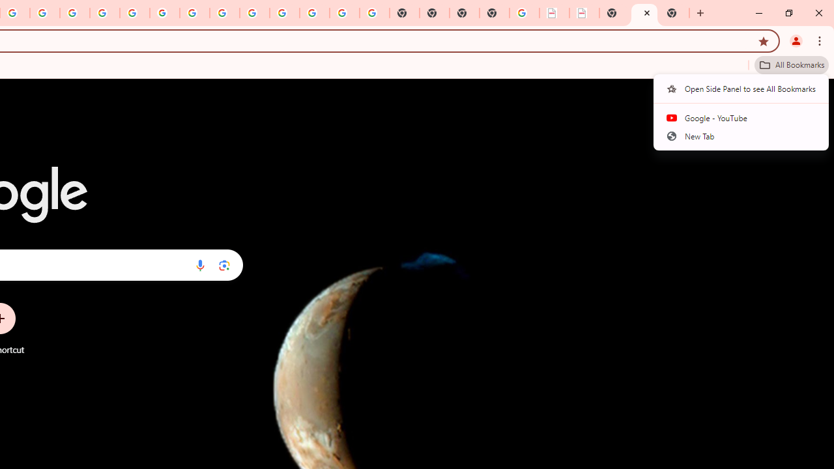 The image size is (834, 469). I want to click on 'BAE Systems Brasil | BAE Systems', so click(584, 13).